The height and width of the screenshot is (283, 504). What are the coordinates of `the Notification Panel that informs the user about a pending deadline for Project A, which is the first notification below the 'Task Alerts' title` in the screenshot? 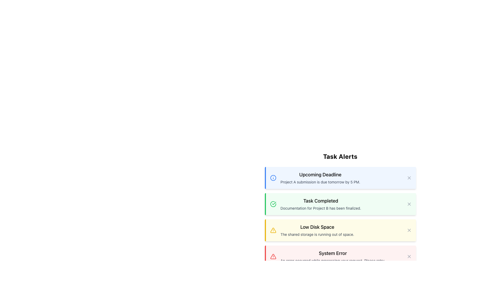 It's located at (340, 177).